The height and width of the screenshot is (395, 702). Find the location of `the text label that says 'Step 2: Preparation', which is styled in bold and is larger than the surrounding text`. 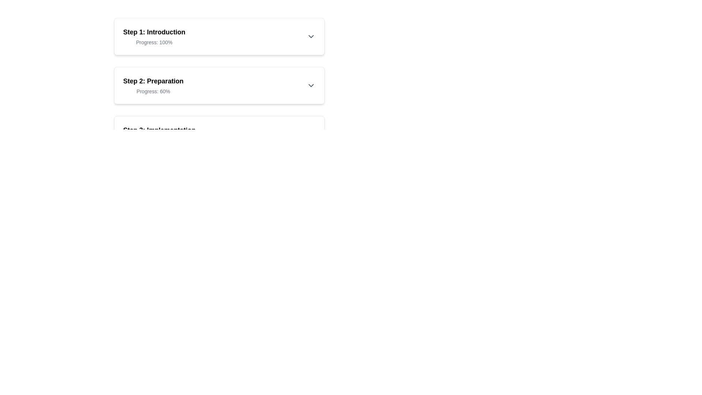

the text label that says 'Step 2: Preparation', which is styled in bold and is larger than the surrounding text is located at coordinates (153, 81).